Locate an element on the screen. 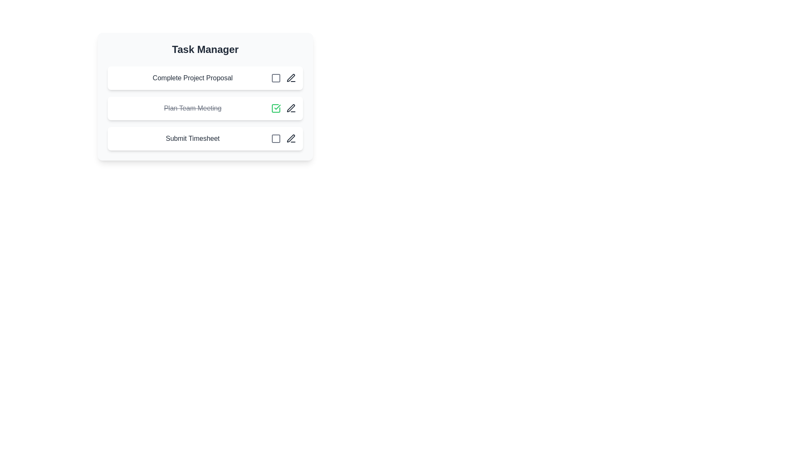 Image resolution: width=808 pixels, height=454 pixels. the text label displaying 'Submit Timesheet' located in the 'Task Manager' section, positioned below 'Plan Team Meeting' is located at coordinates (192, 138).